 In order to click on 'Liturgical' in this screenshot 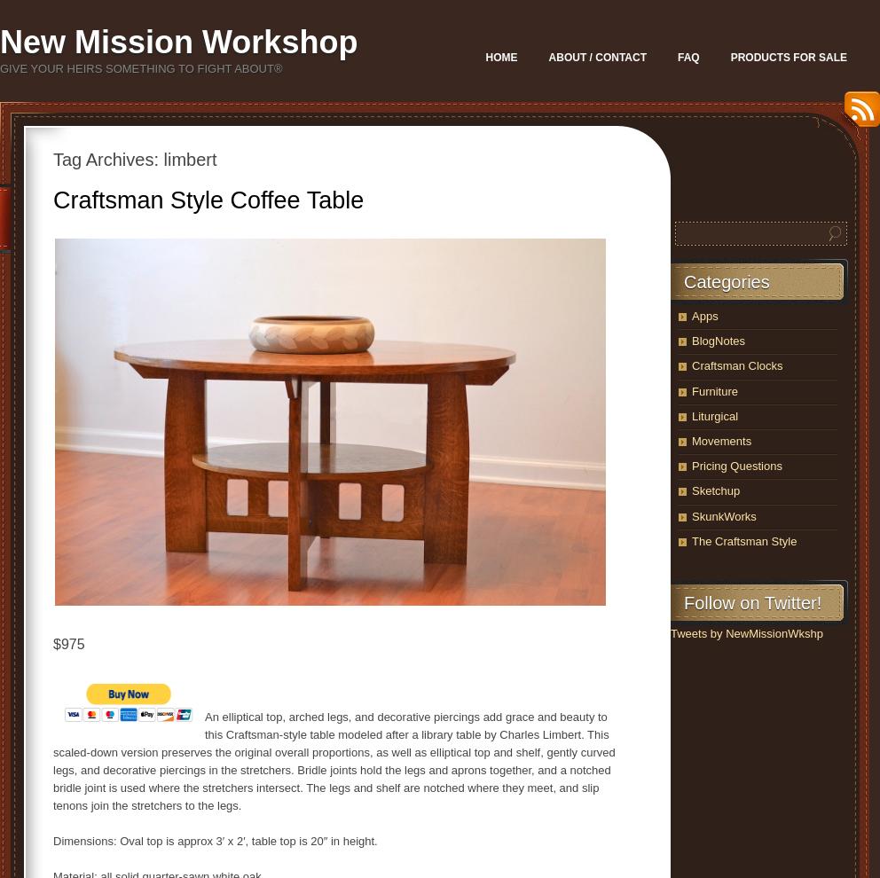, I will do `click(691, 415)`.